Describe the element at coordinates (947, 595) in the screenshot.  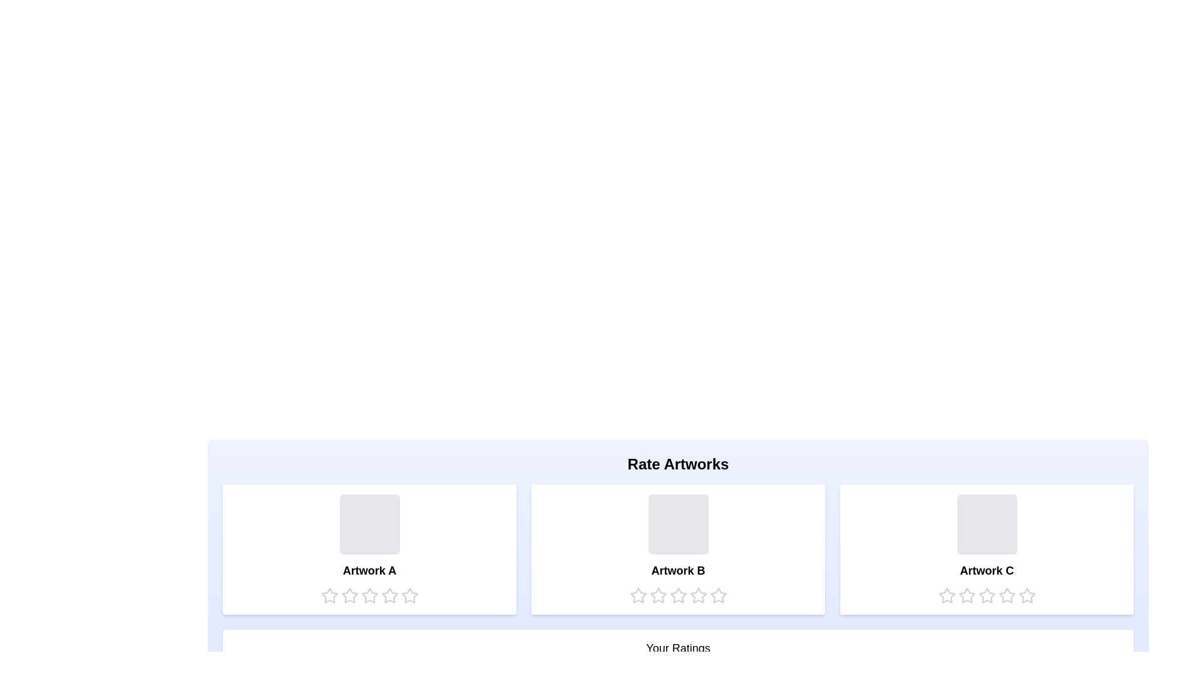
I see `the star corresponding to the rating 1 for the artwork Artwork C` at that location.